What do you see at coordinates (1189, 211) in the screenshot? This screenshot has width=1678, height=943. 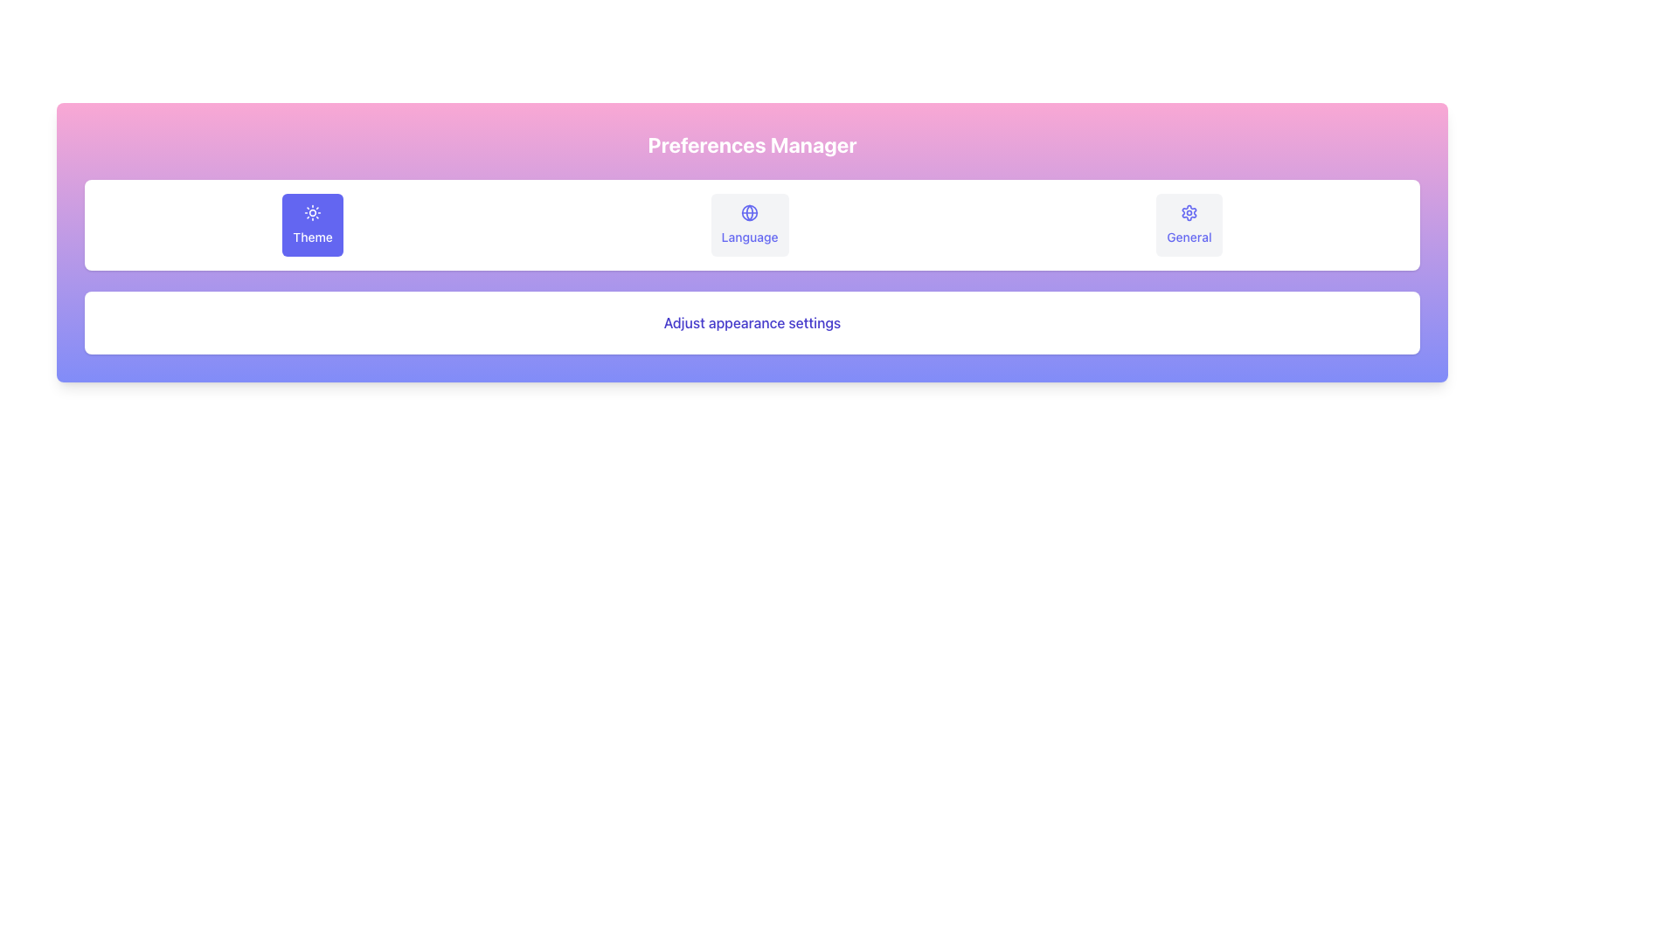 I see `the decorative icon indicating the 'General' category in the 'Preferences Manager' section, located at the bottom-right corner above the 'General' text` at bounding box center [1189, 211].